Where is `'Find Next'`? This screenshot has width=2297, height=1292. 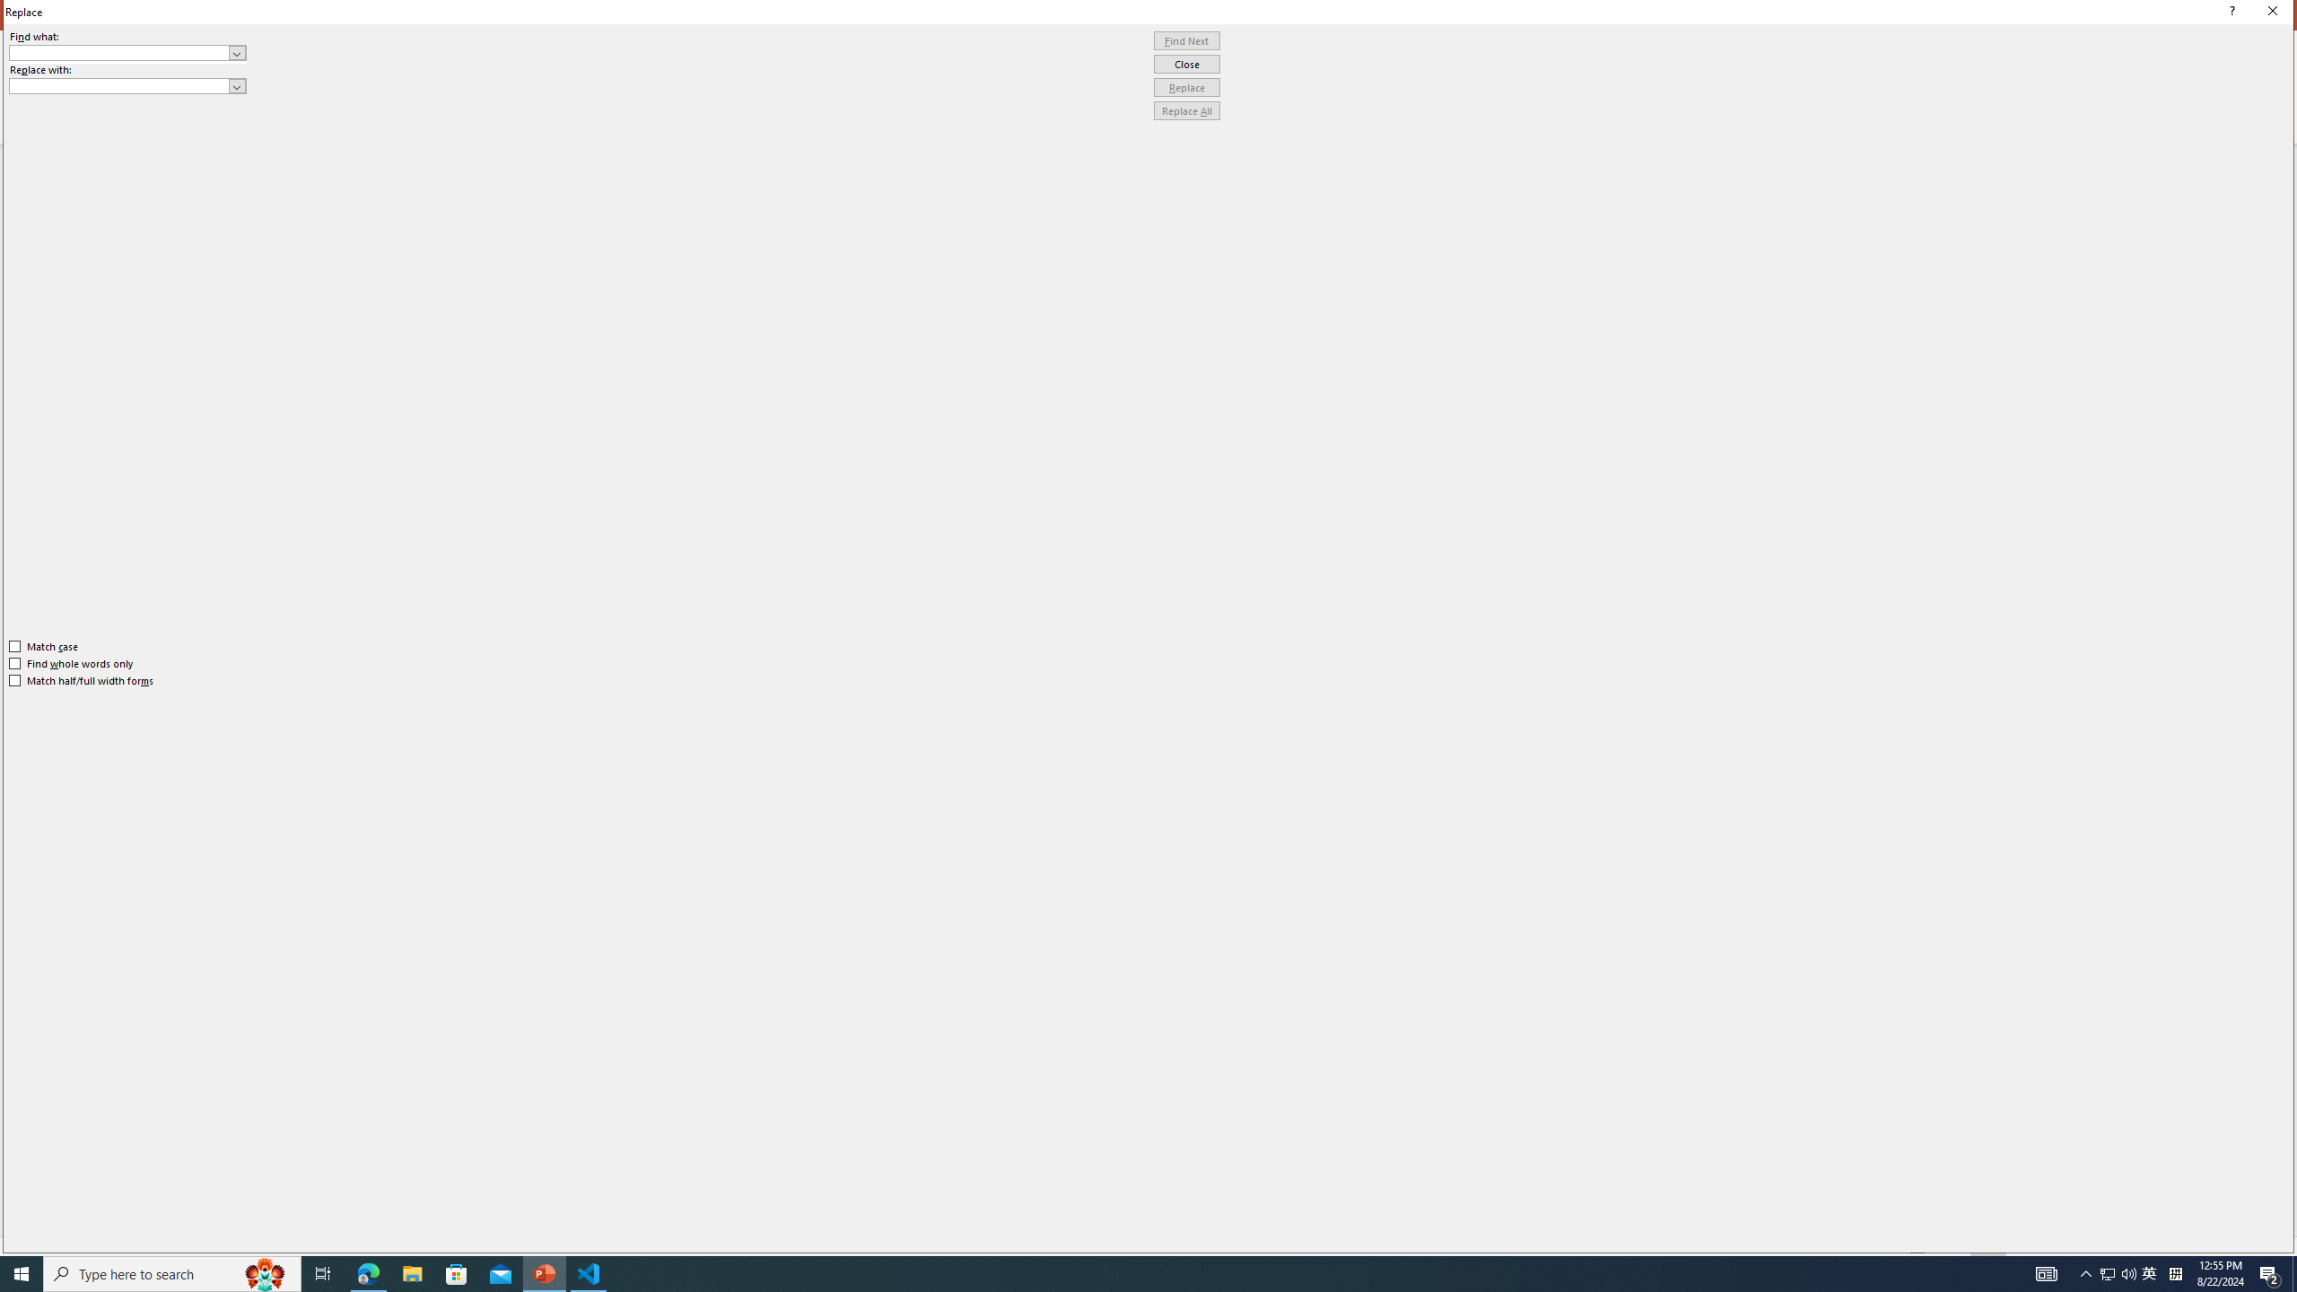
'Find Next' is located at coordinates (1186, 40).